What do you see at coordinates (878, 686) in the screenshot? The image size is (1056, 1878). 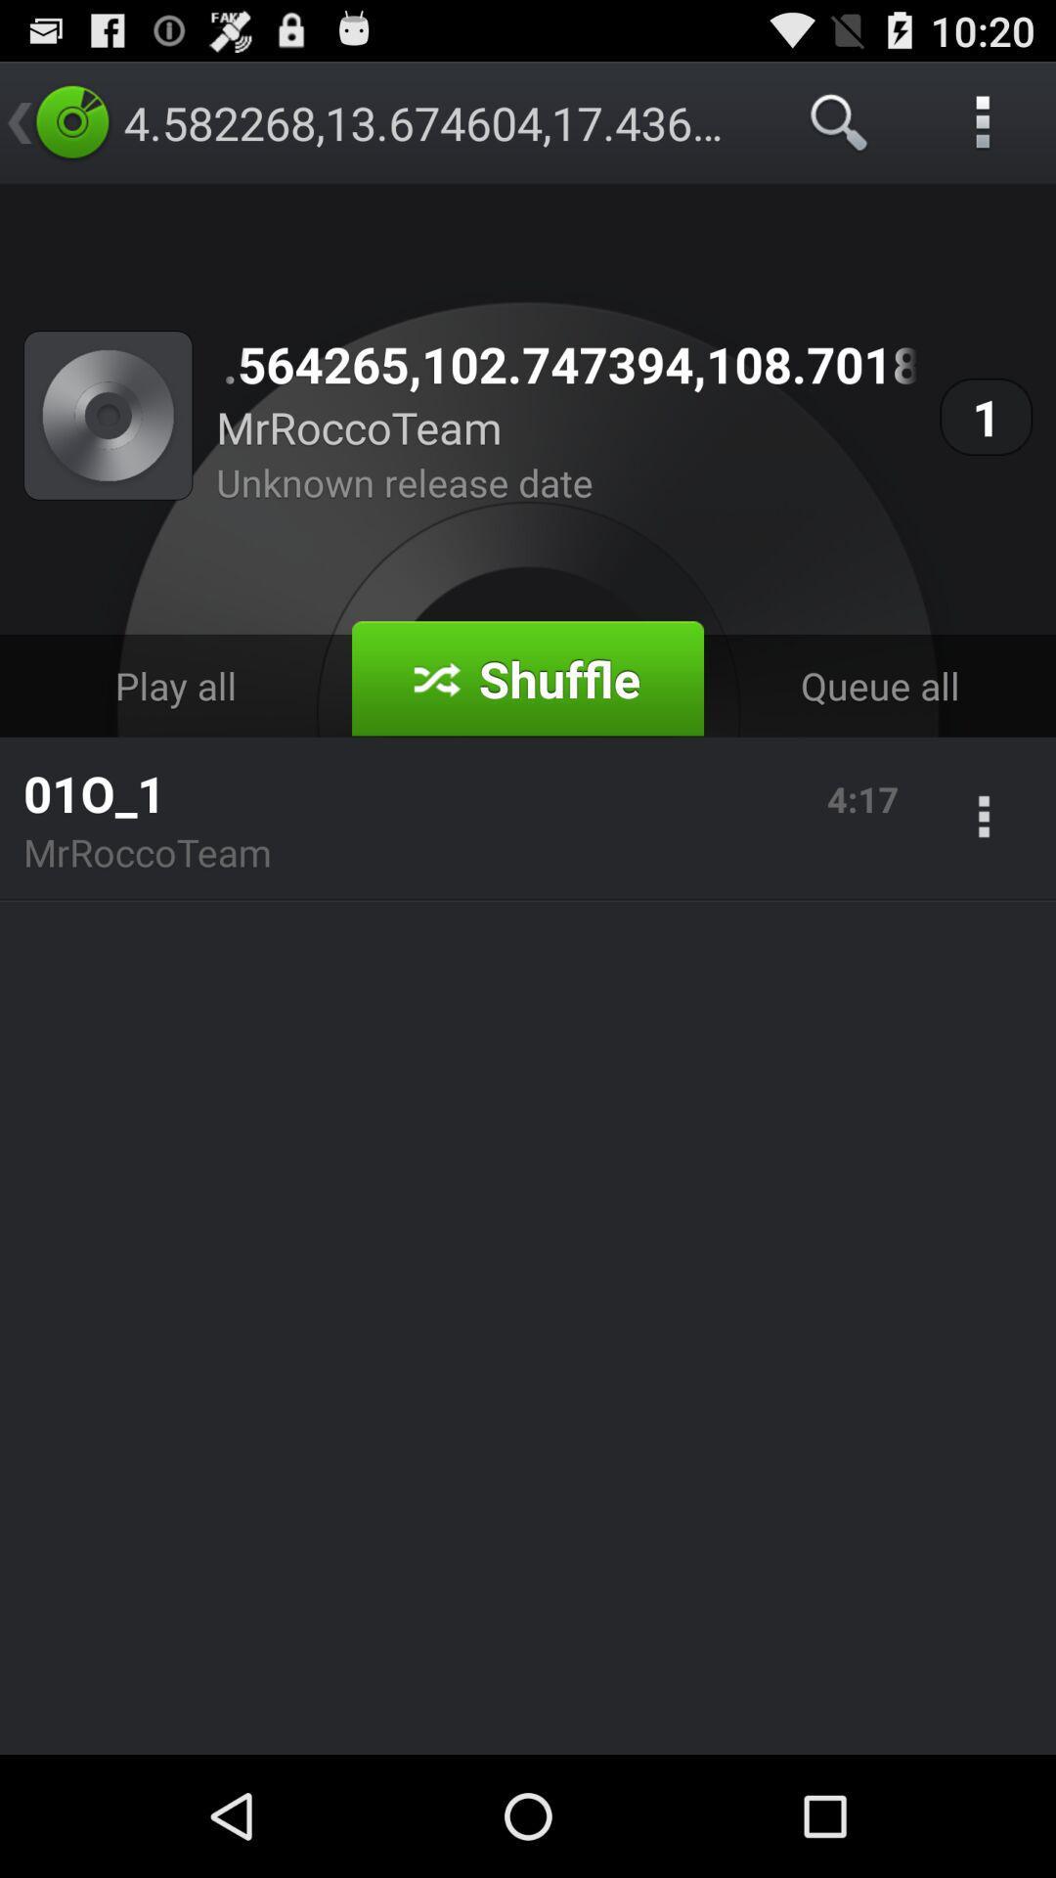 I see `the app to the right of the shuffle app` at bounding box center [878, 686].